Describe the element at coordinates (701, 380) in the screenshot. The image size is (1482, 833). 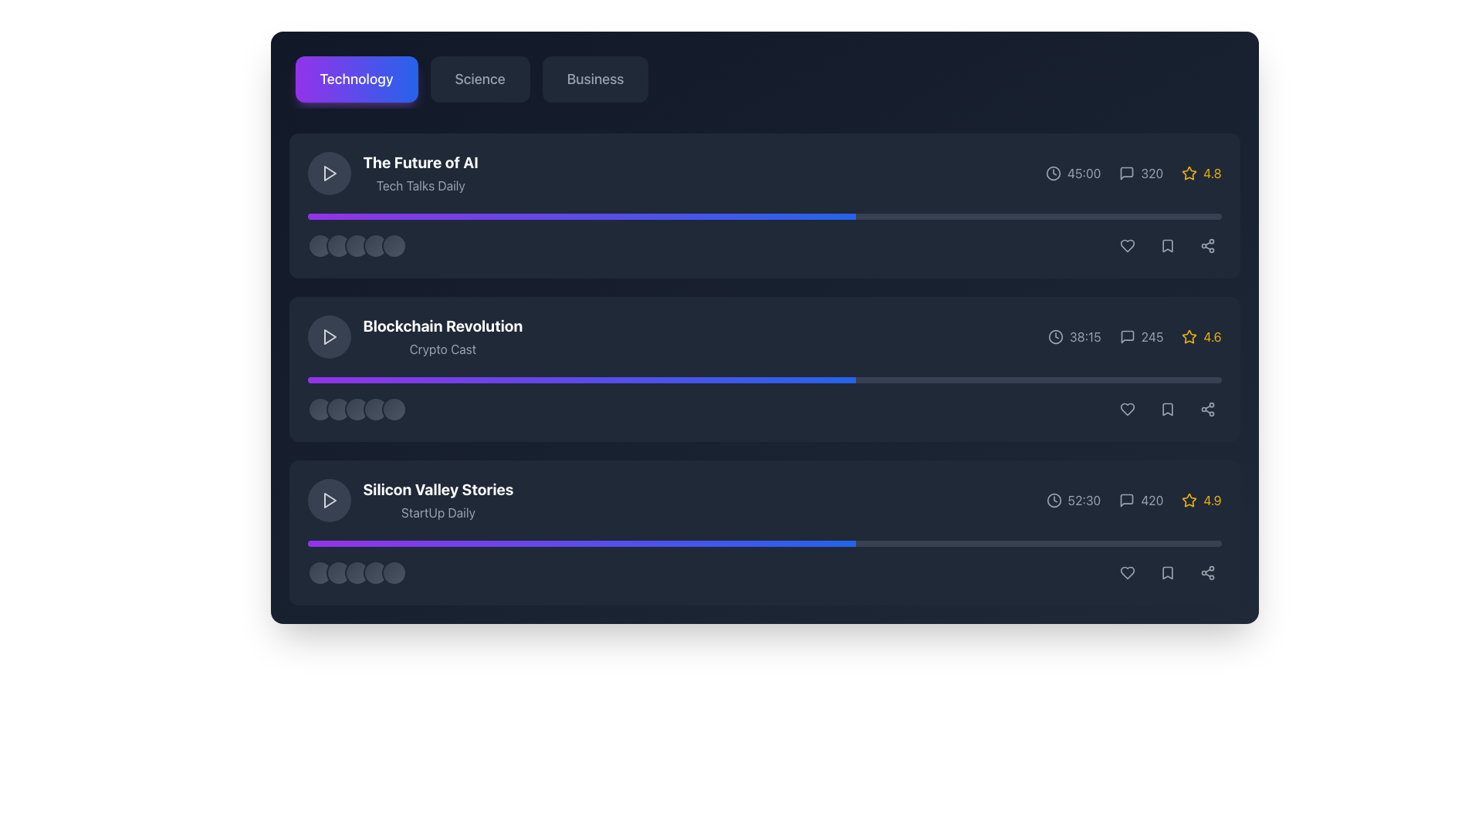
I see `progress` at that location.